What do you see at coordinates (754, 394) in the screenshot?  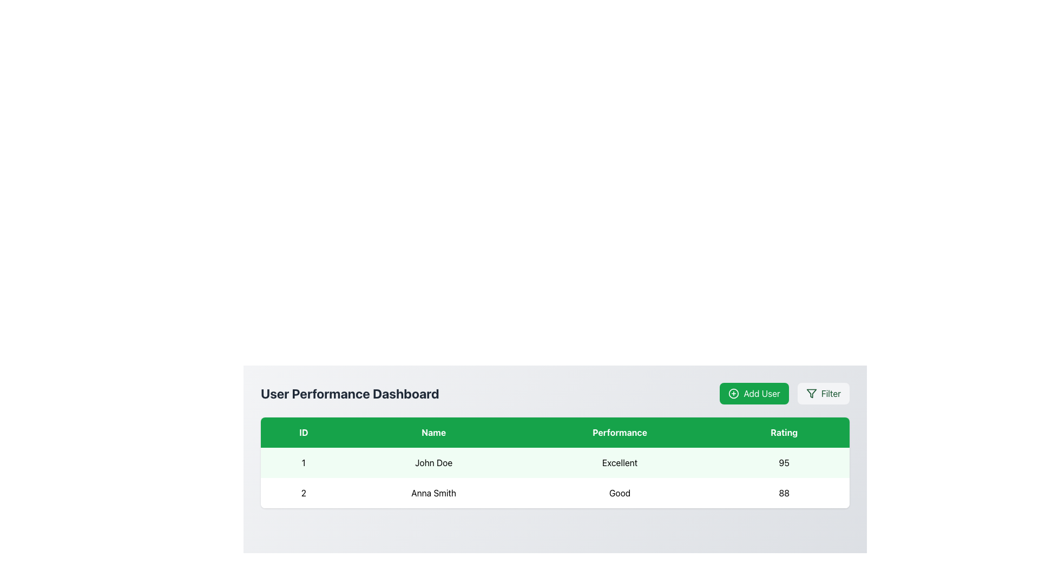 I see `the button that triggers the action for adding a new user, located in the upper right section of the interface` at bounding box center [754, 394].